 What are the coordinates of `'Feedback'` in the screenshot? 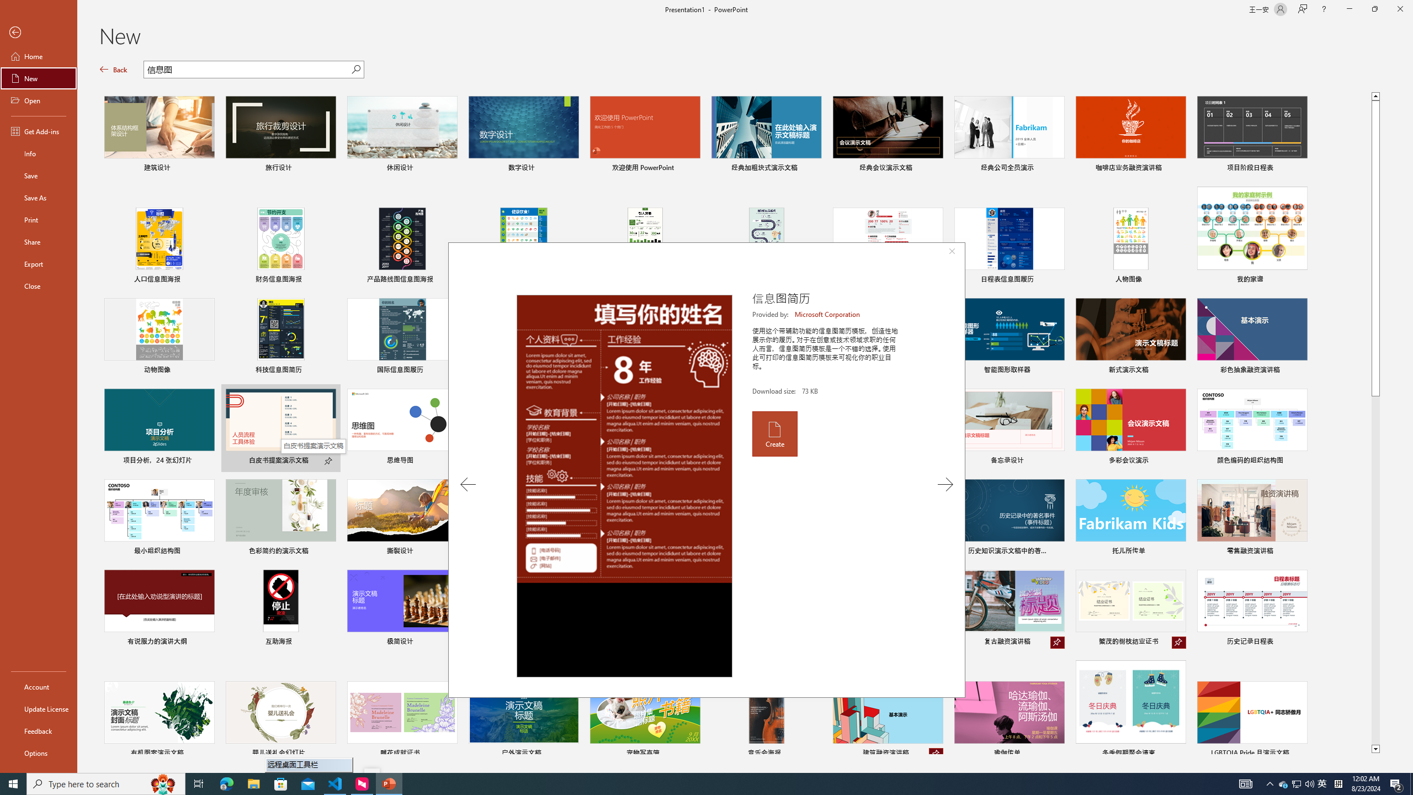 It's located at (38, 731).